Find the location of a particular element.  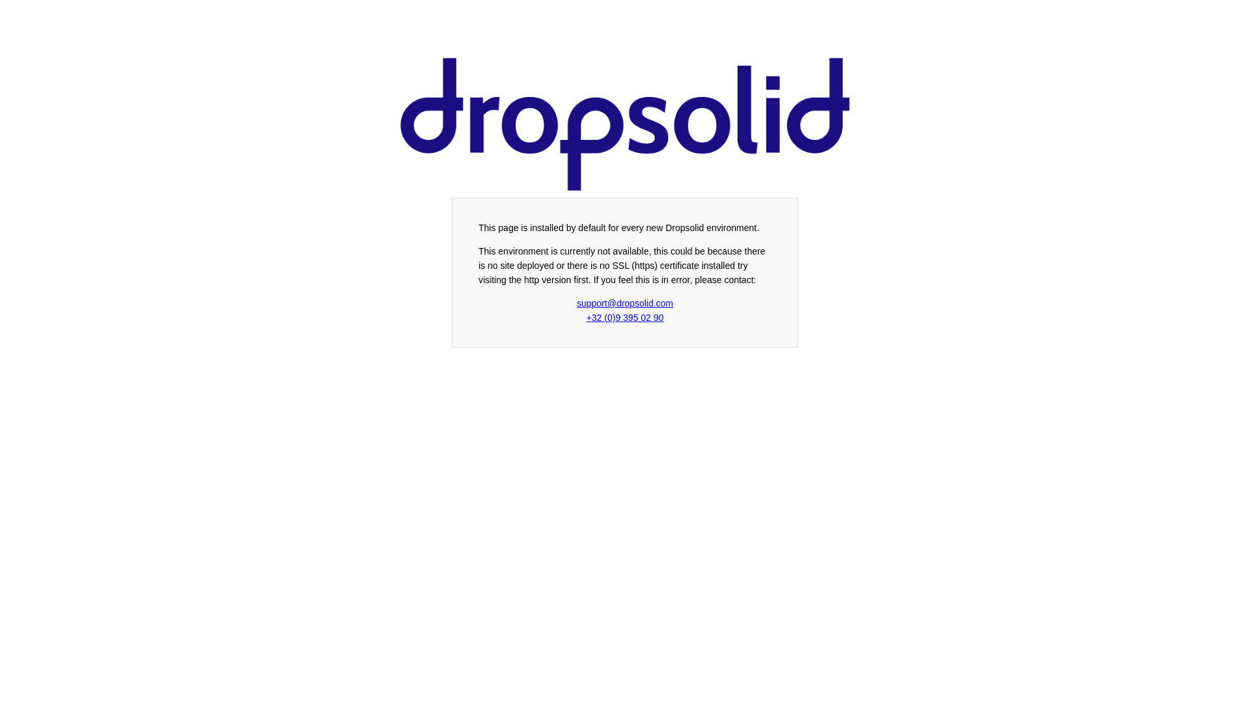

'+32 (0)9 395 02 90' is located at coordinates (625, 318).